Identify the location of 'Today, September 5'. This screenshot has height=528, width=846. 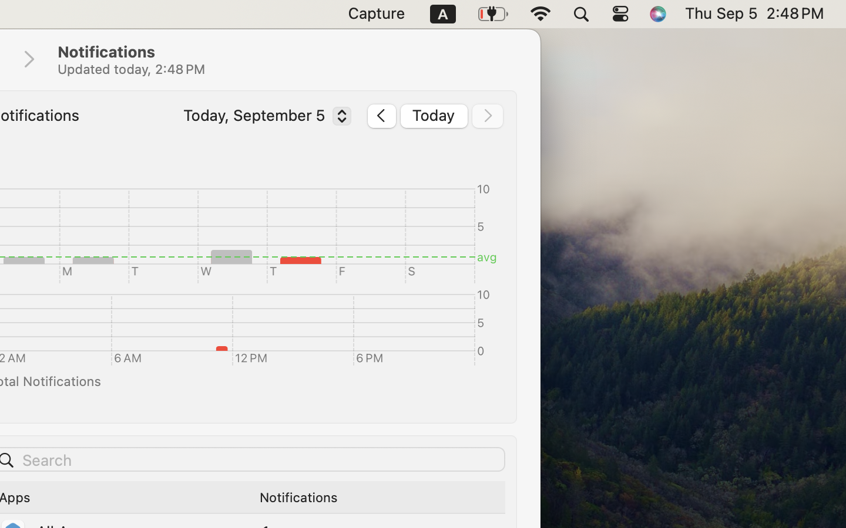
(264, 117).